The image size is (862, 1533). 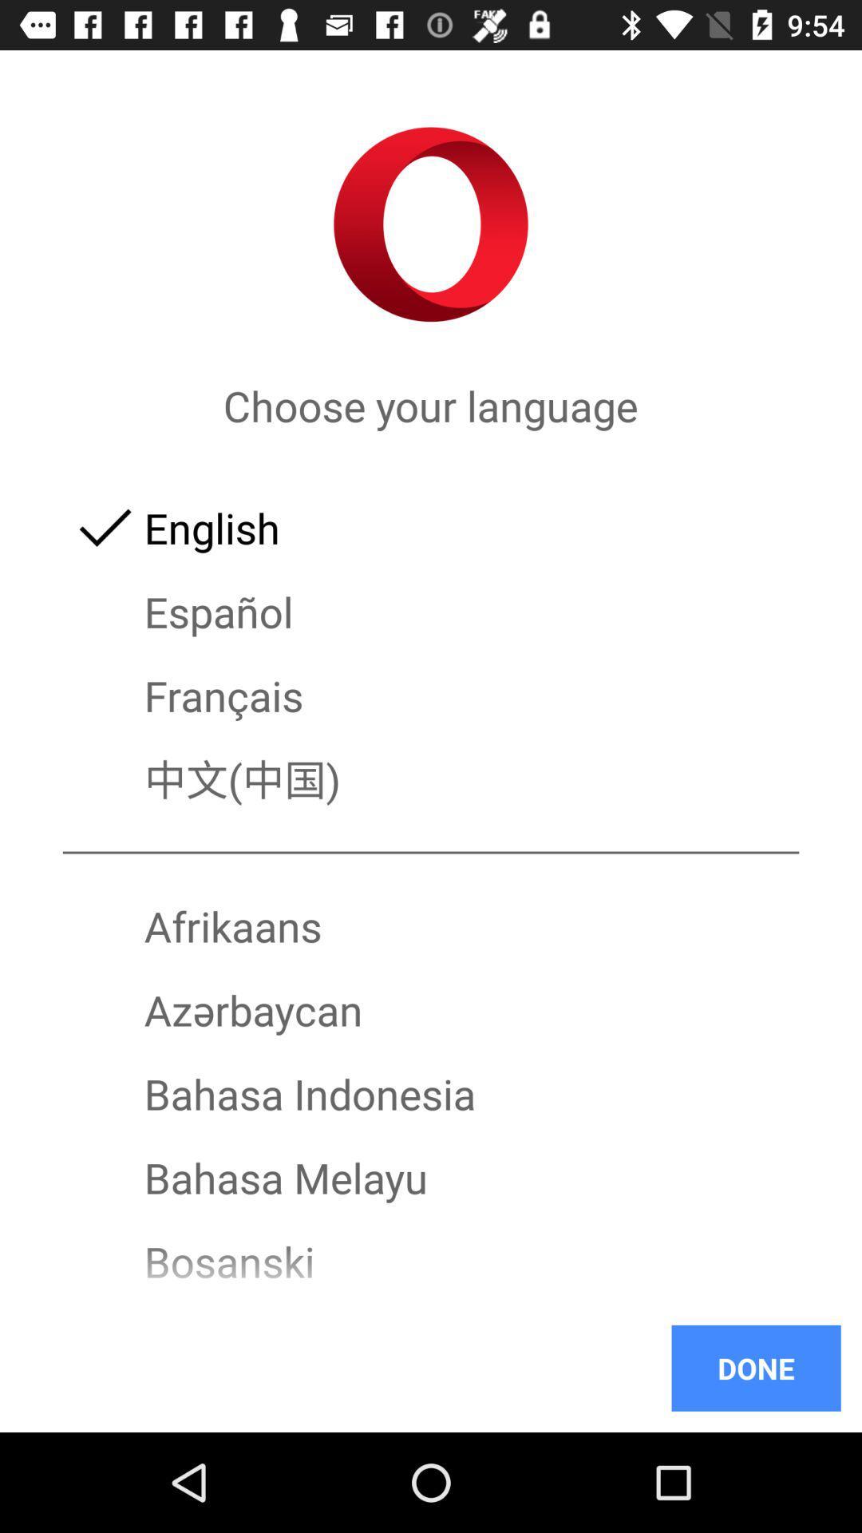 I want to click on the bahasa melayu item, so click(x=431, y=1178).